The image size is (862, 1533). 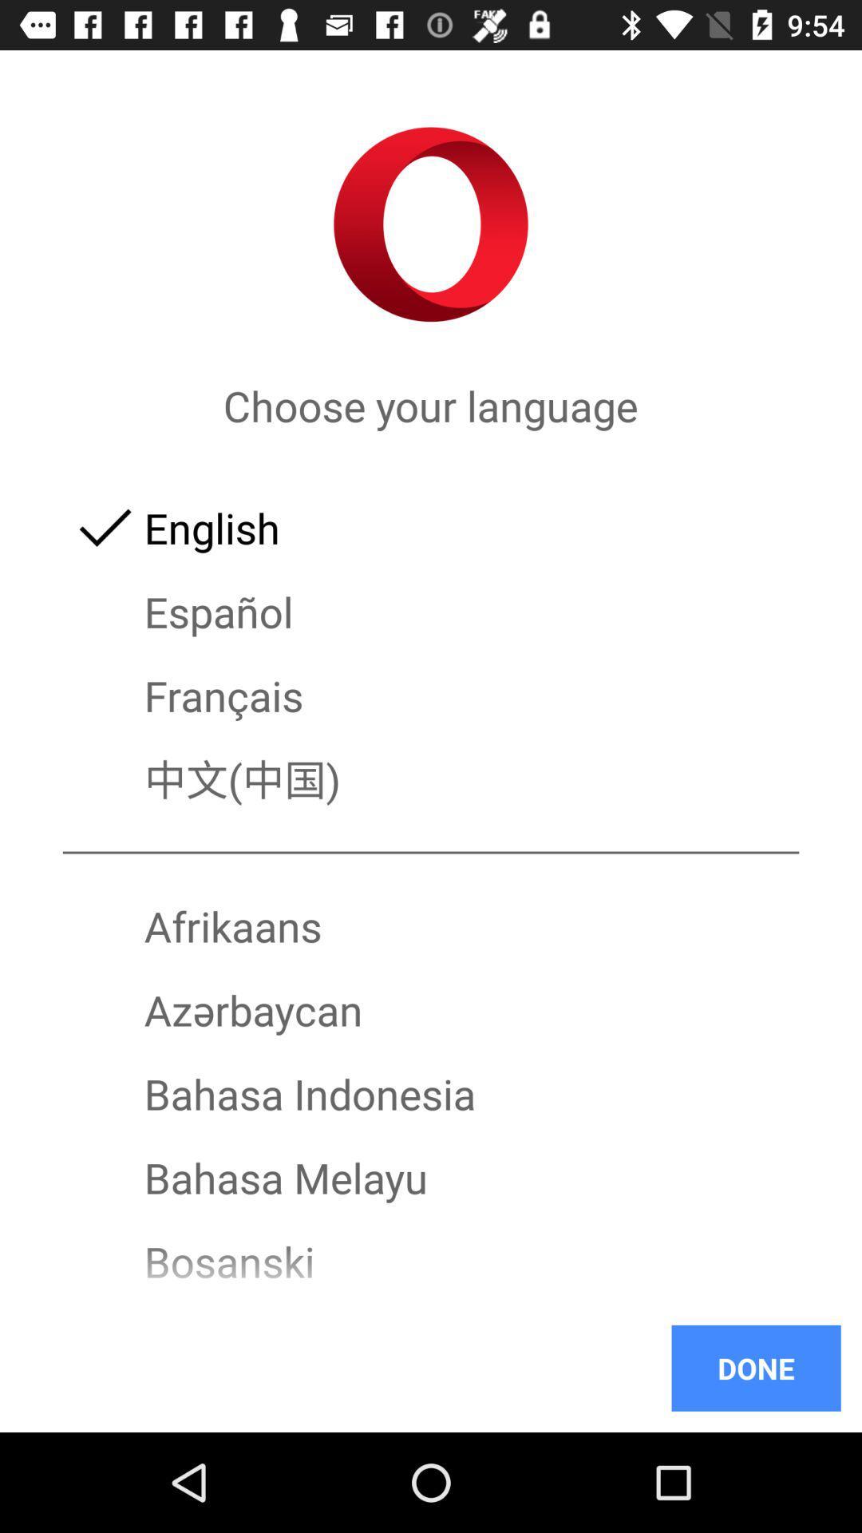 I want to click on the bahasa melayu item, so click(x=431, y=1178).